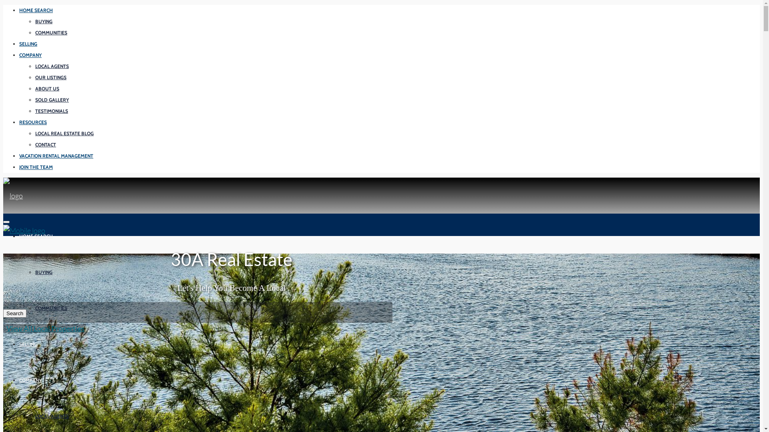  Describe the element at coordinates (51, 66) in the screenshot. I see `'LOCAL AGENTS'` at that location.